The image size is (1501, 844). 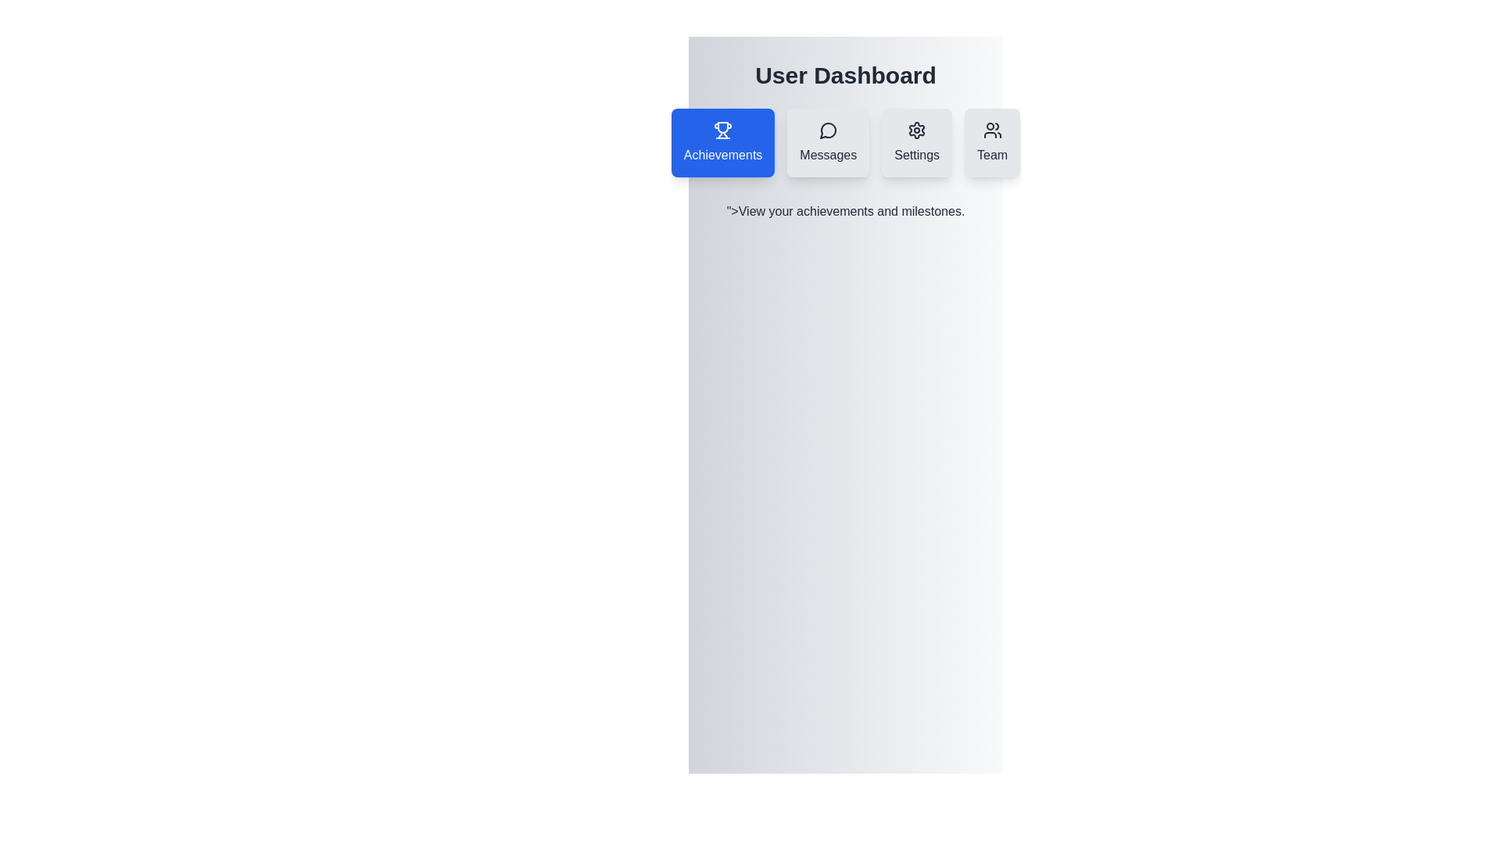 I want to click on the Messages tab to navigate to its content, so click(x=827, y=142).